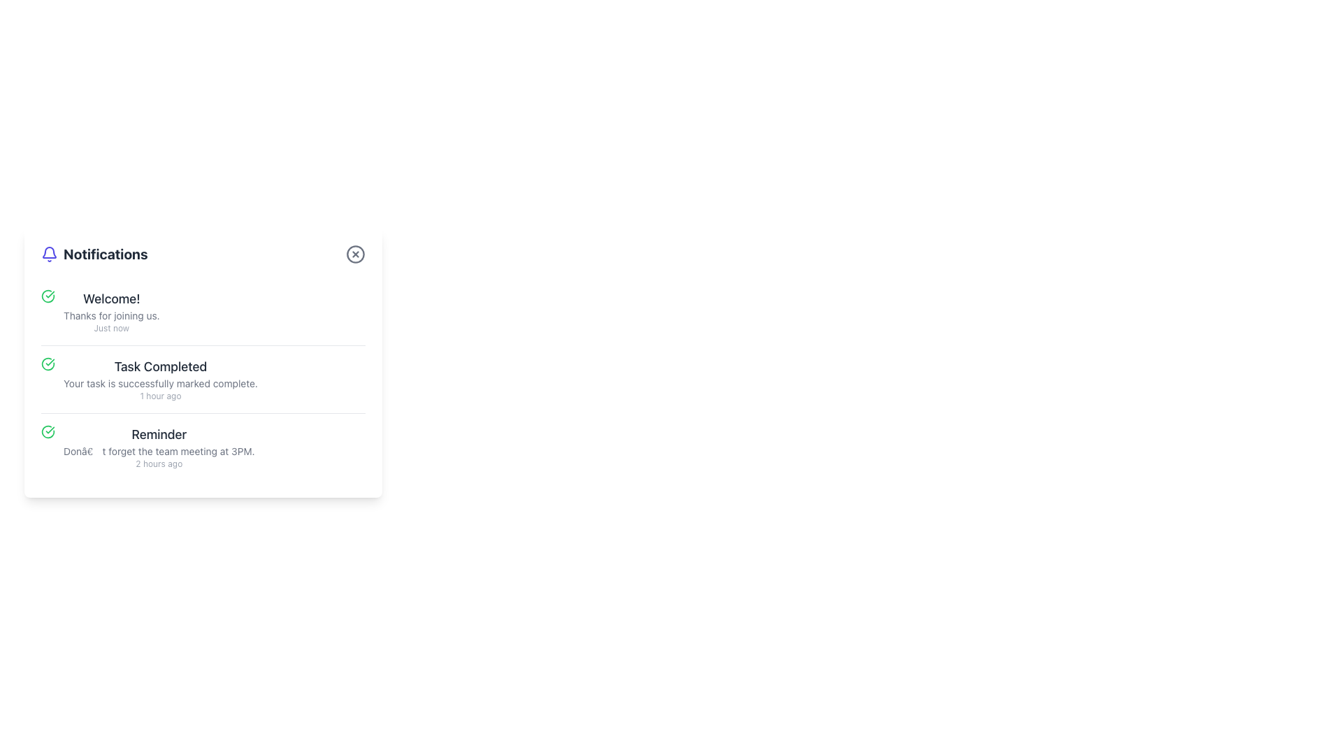  What do you see at coordinates (110, 311) in the screenshot?
I see `the first static text-based notification in the notification panel` at bounding box center [110, 311].